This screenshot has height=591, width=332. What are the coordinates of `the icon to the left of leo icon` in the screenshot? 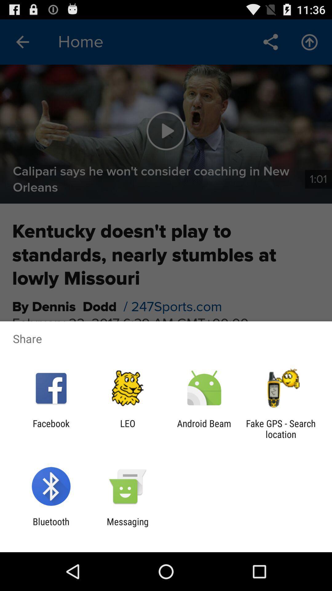 It's located at (51, 428).